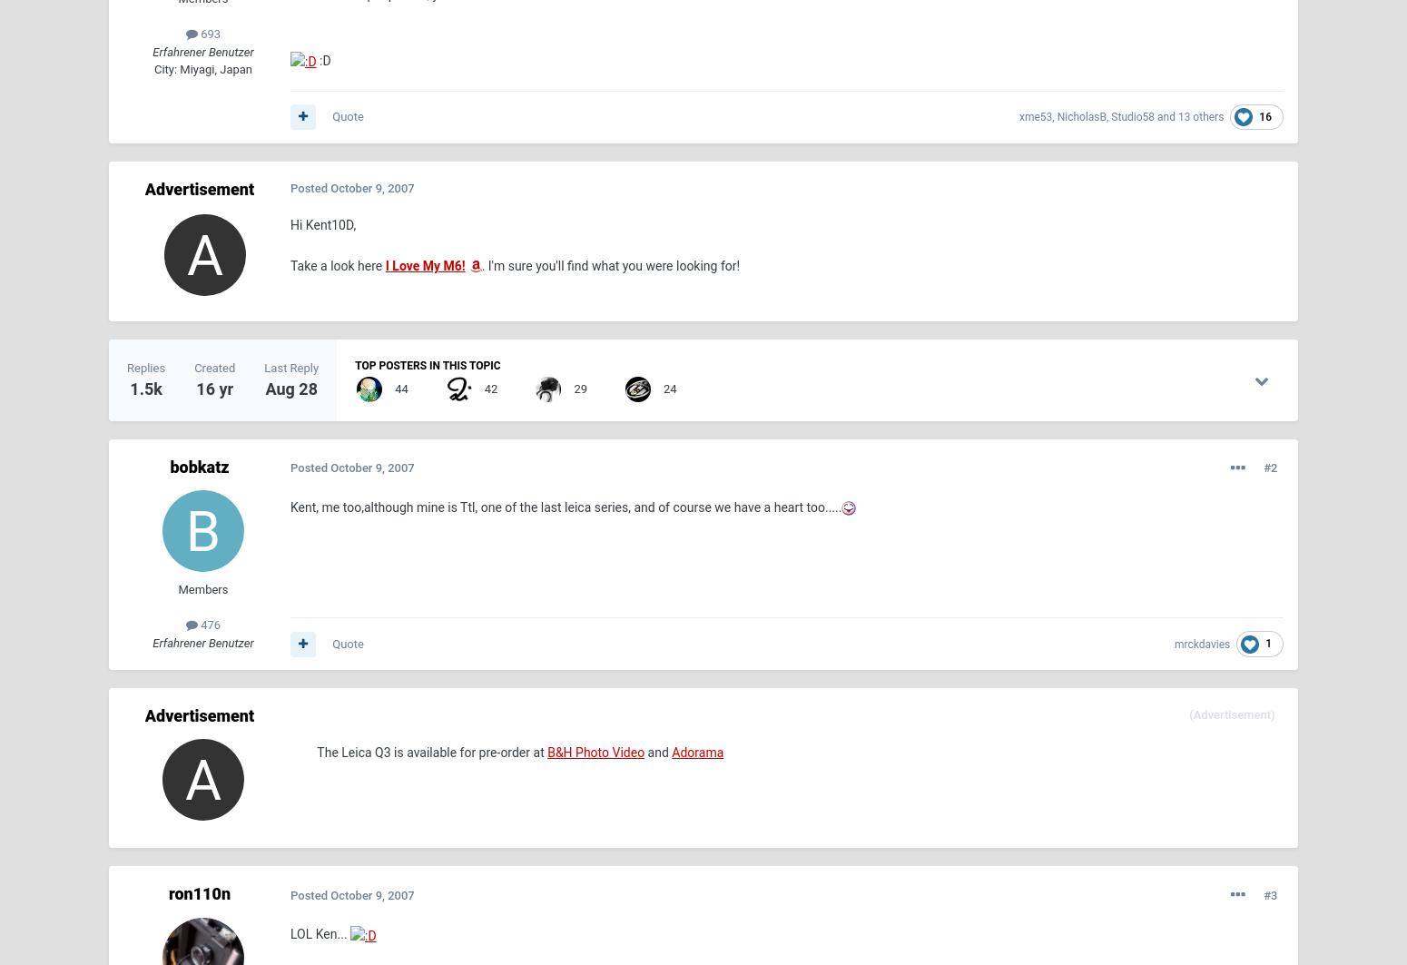 The image size is (1407, 965). What do you see at coordinates (1101, 425) in the screenshot?
I see `'October 18'` at bounding box center [1101, 425].